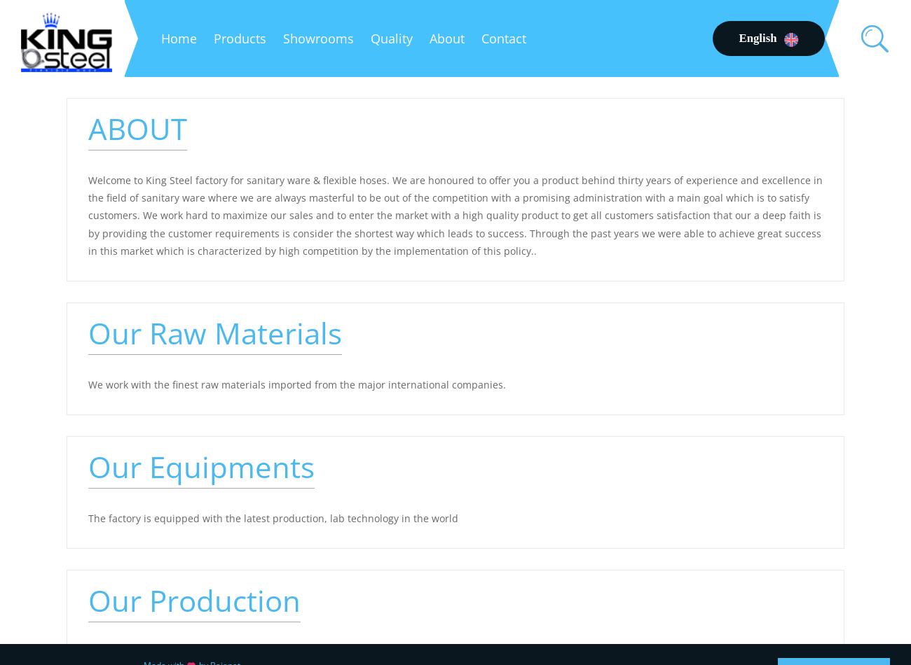  Describe the element at coordinates (239, 38) in the screenshot. I see `'Products'` at that location.